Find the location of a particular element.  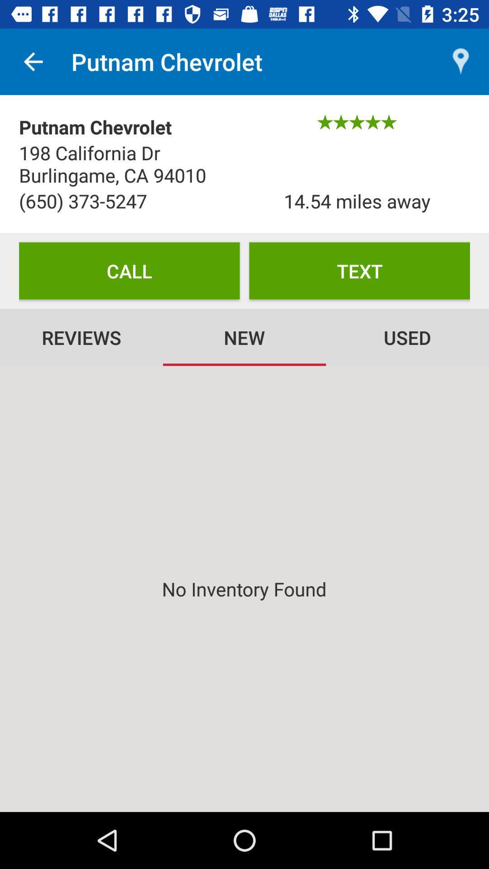

the text item is located at coordinates (359, 270).